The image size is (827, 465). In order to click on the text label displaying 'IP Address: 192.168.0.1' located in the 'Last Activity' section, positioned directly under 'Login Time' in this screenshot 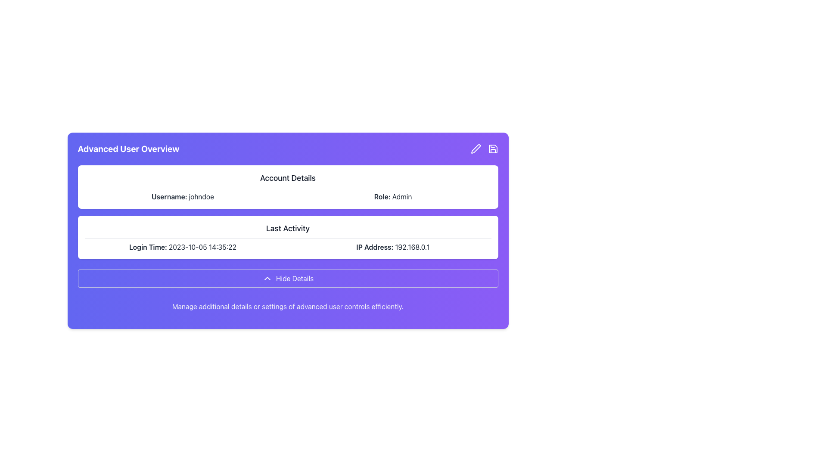, I will do `click(392, 247)`.